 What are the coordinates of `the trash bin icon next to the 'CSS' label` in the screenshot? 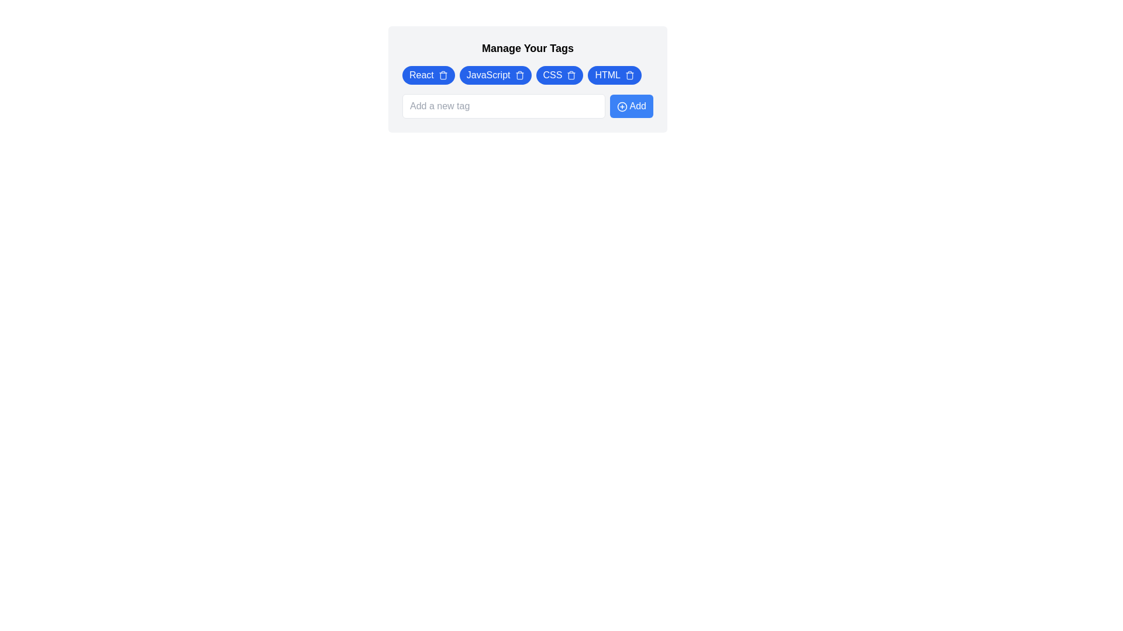 It's located at (571, 75).